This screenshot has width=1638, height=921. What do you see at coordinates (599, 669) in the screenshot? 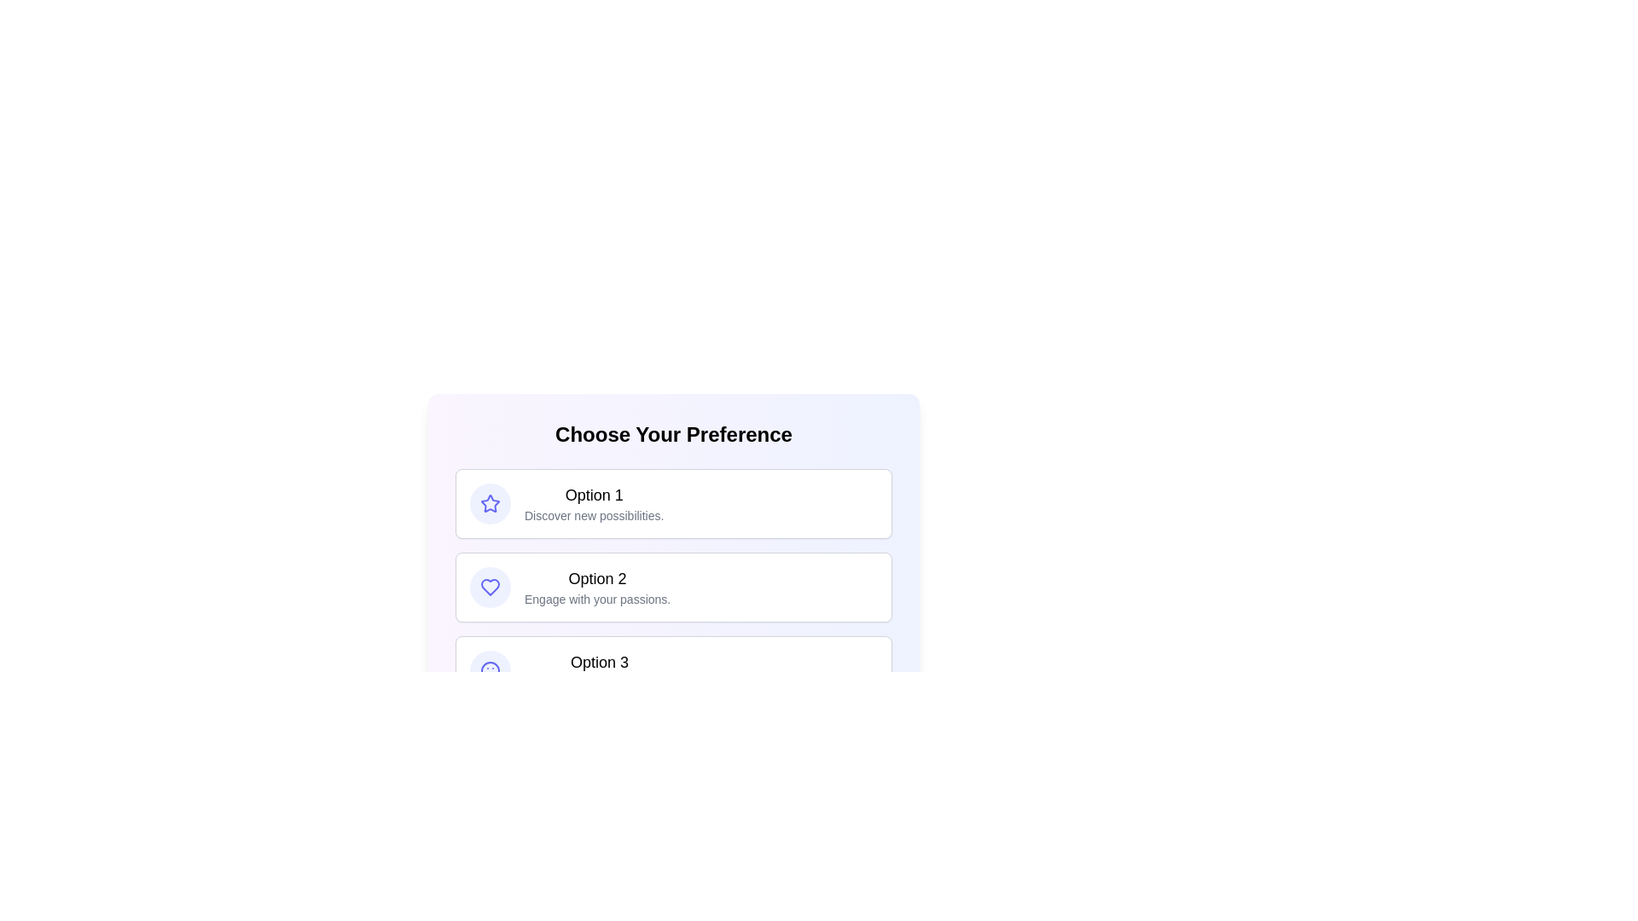
I see `the third option labeled 'Option 3: Embrace joyful experiences.' located under the 'Choose Your Preference' heading` at bounding box center [599, 669].